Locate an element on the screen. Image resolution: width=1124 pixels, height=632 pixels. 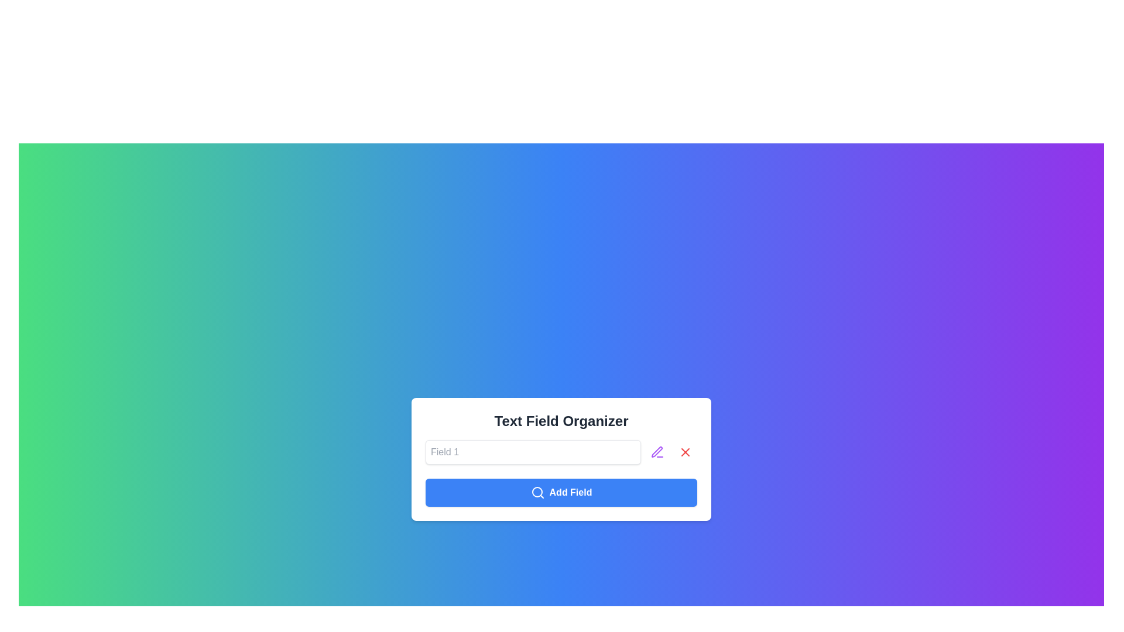
the small red cross icon button located near the top right of the text field labeled 'Field 1' in the modal interface is located at coordinates (686, 451).